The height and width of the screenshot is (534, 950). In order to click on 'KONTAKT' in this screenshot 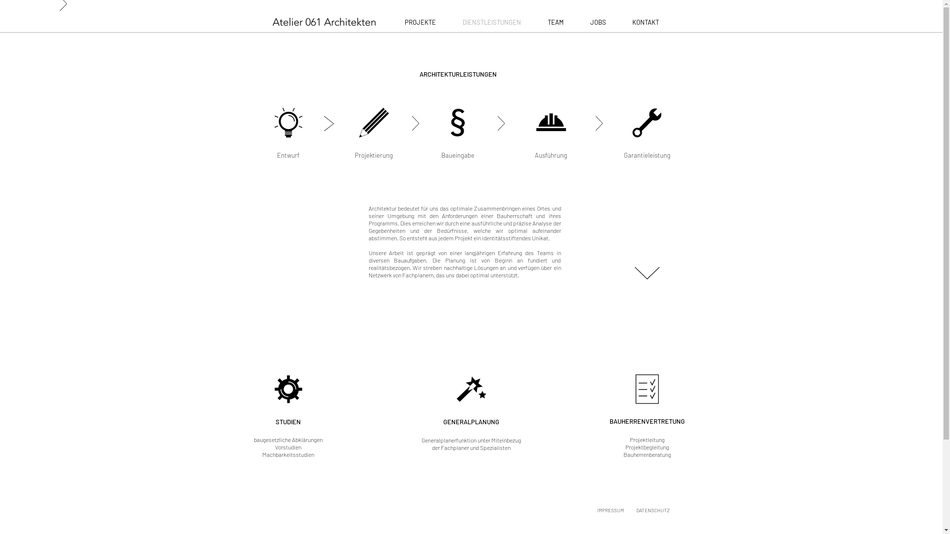, I will do `click(646, 22)`.